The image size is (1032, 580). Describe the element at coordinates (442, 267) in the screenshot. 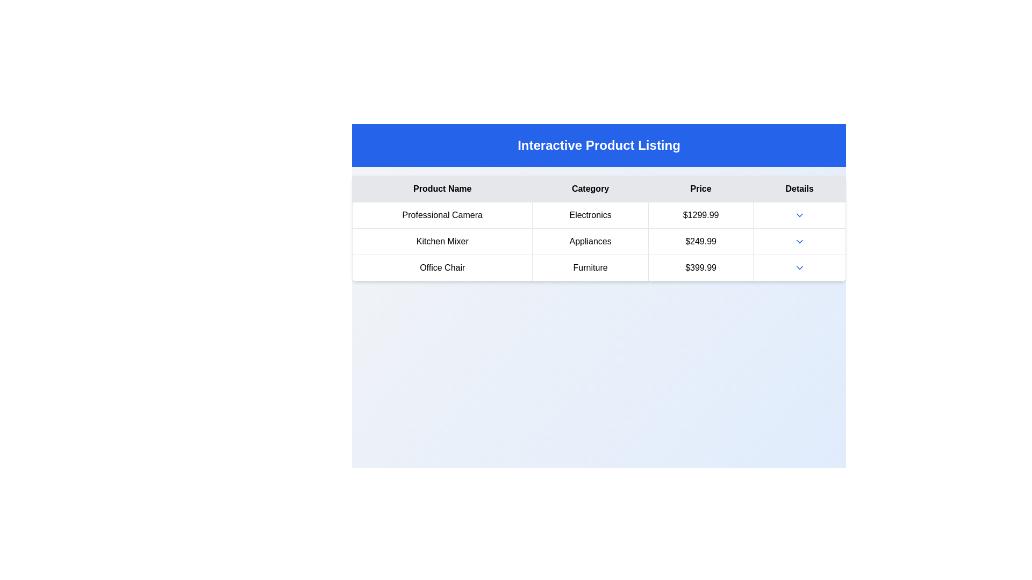

I see `text label displaying 'Office Chair' in bold, located in the first column of the third row under the 'Product Name' header` at that location.